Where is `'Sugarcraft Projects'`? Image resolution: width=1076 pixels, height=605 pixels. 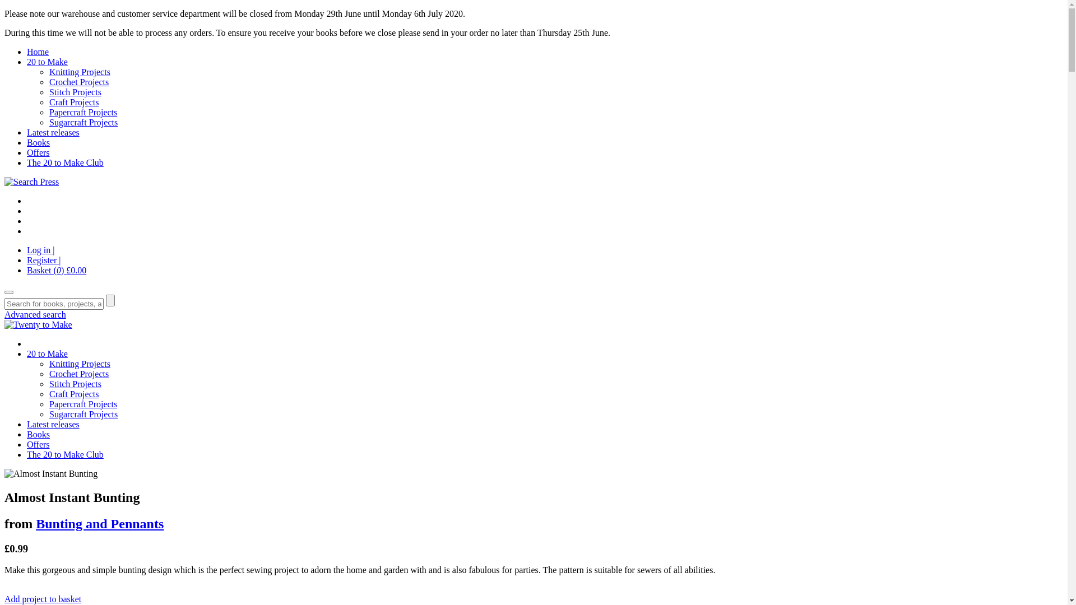 'Sugarcraft Projects' is located at coordinates (48, 122).